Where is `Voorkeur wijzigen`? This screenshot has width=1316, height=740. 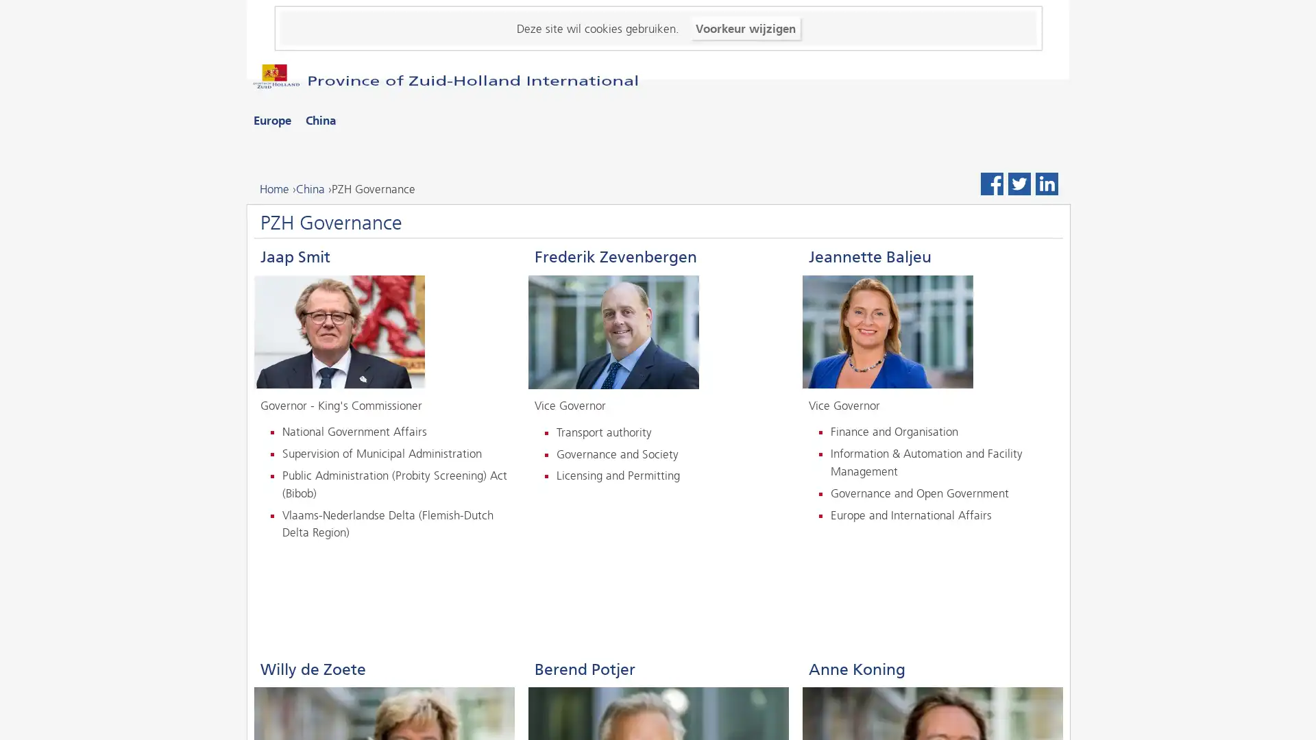 Voorkeur wijzigen is located at coordinates (744, 27).